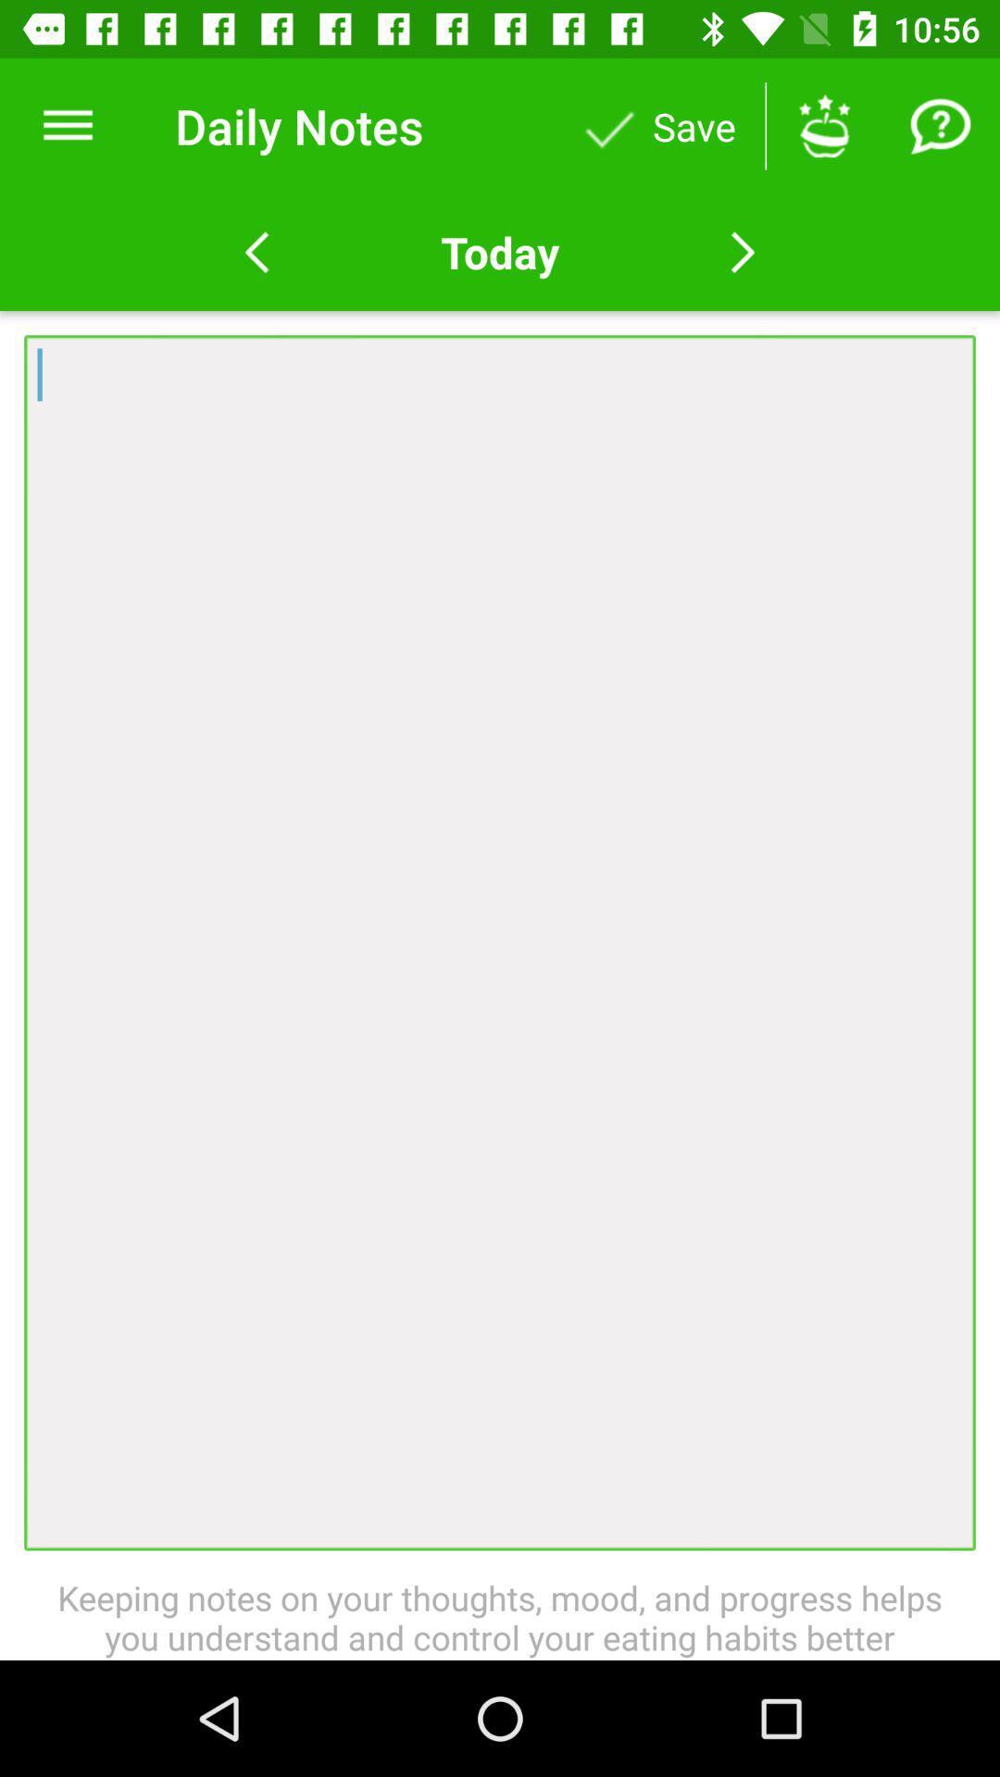  Describe the element at coordinates (500, 942) in the screenshot. I see `type notes` at that location.